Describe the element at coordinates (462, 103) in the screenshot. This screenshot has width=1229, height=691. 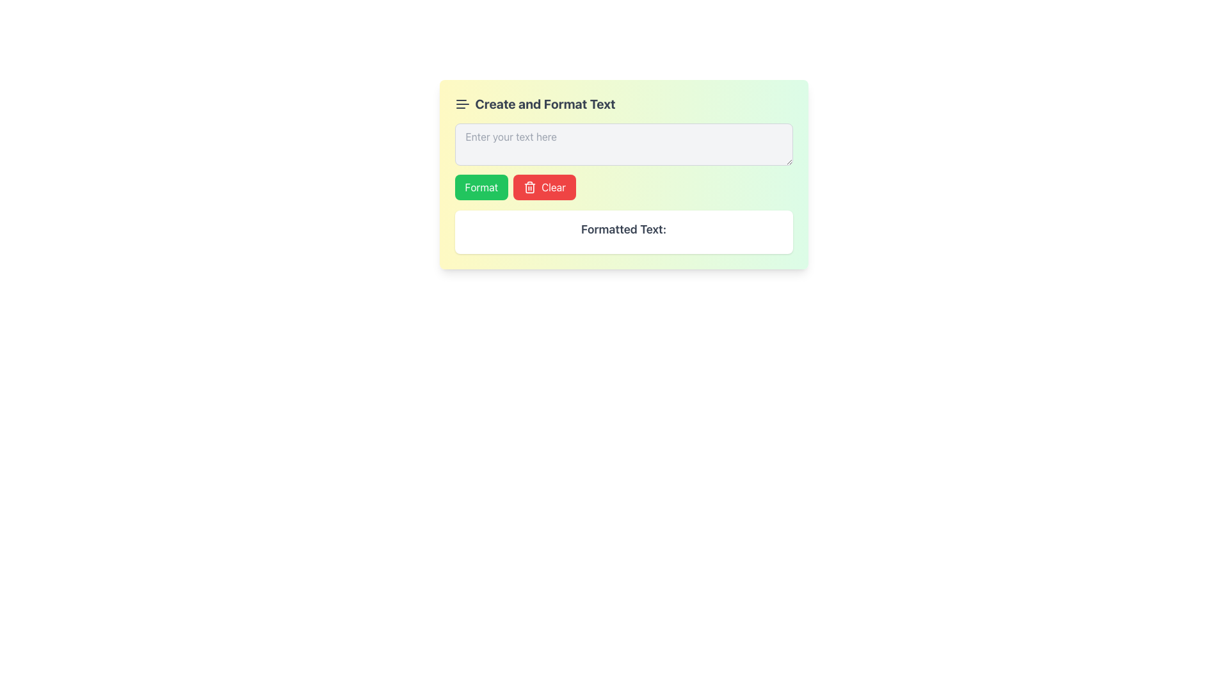
I see `the SVG icon located at the top-left area of the 'Create and Format Text' panel, which serves as a decorative icon for text formatting features` at that location.